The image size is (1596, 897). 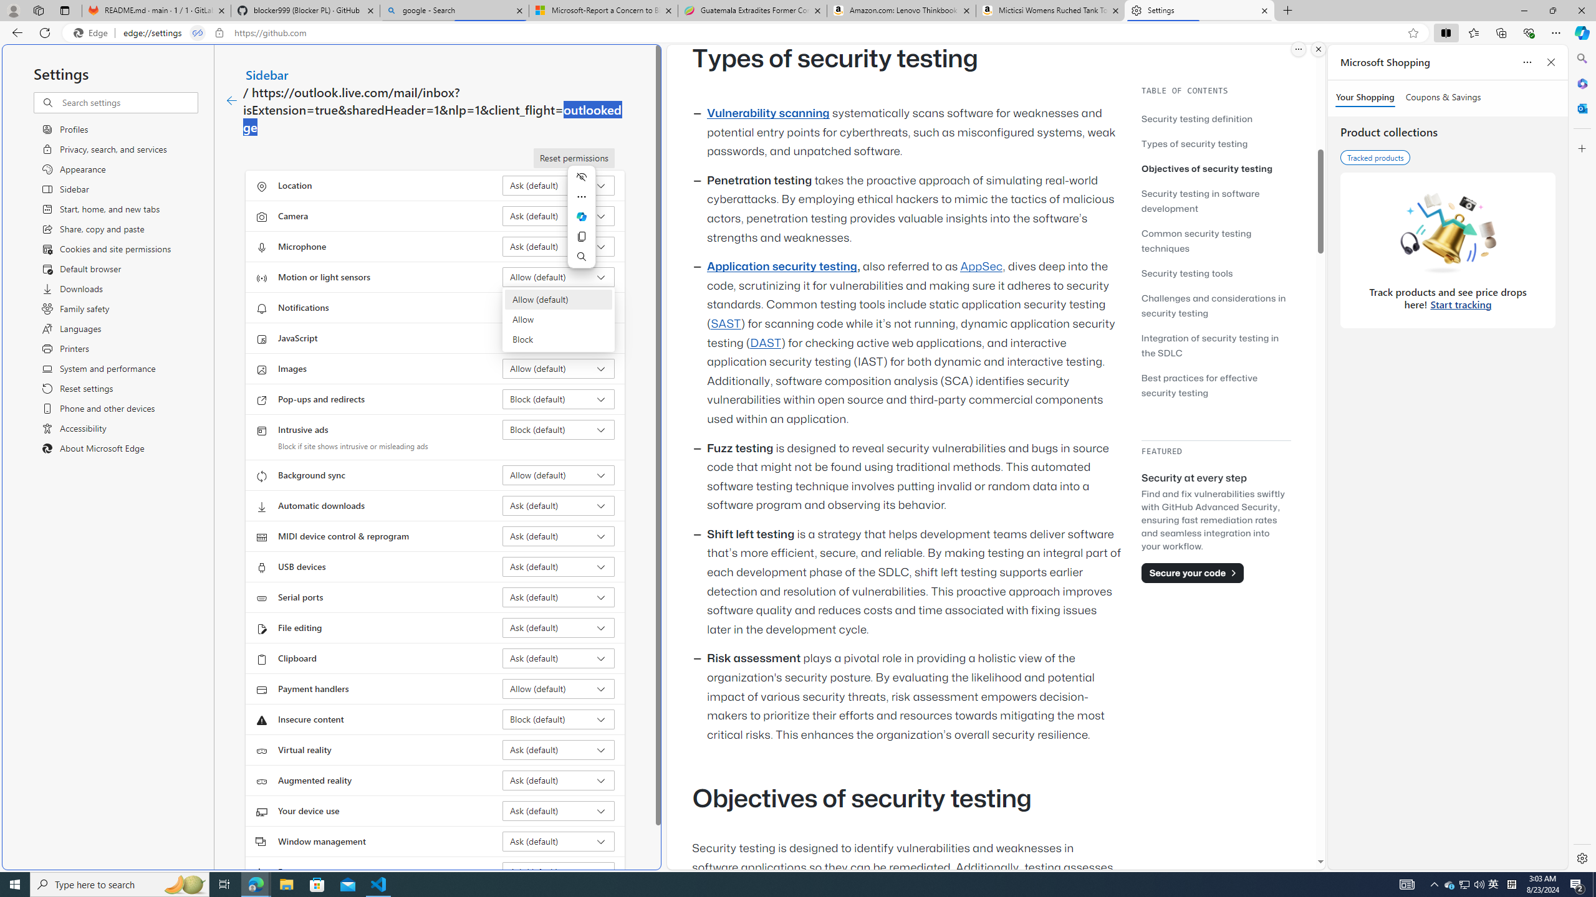 What do you see at coordinates (1552, 10) in the screenshot?
I see `'Restore'` at bounding box center [1552, 10].